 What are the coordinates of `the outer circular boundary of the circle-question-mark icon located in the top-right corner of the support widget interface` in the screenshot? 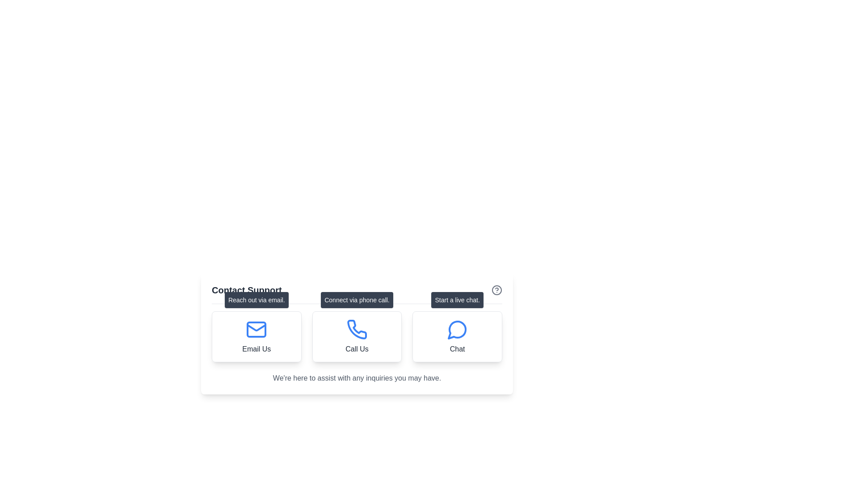 It's located at (496, 290).